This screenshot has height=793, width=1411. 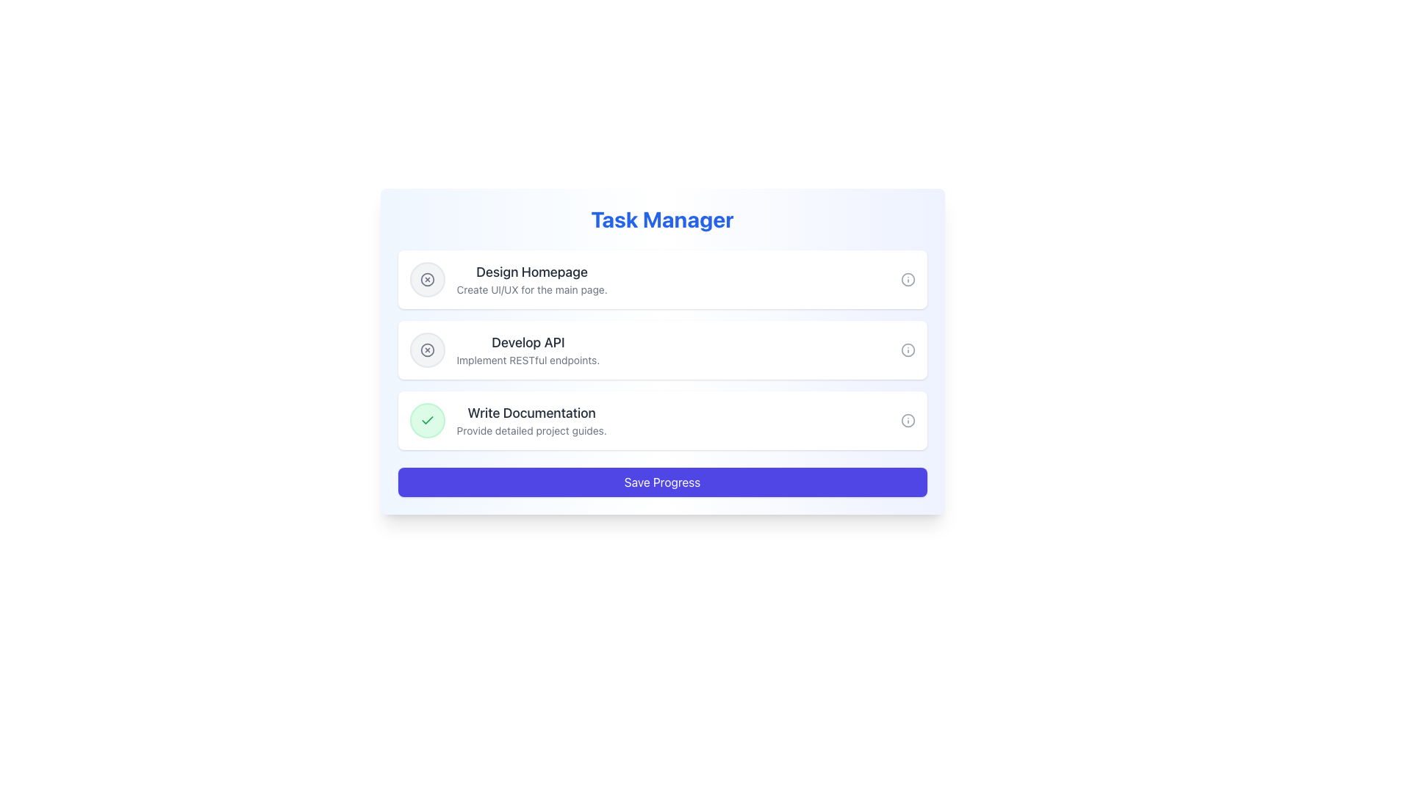 I want to click on the text label that serves as the title for the first task block, located above the description text 'Create UI/UX for the main page.', so click(x=531, y=272).